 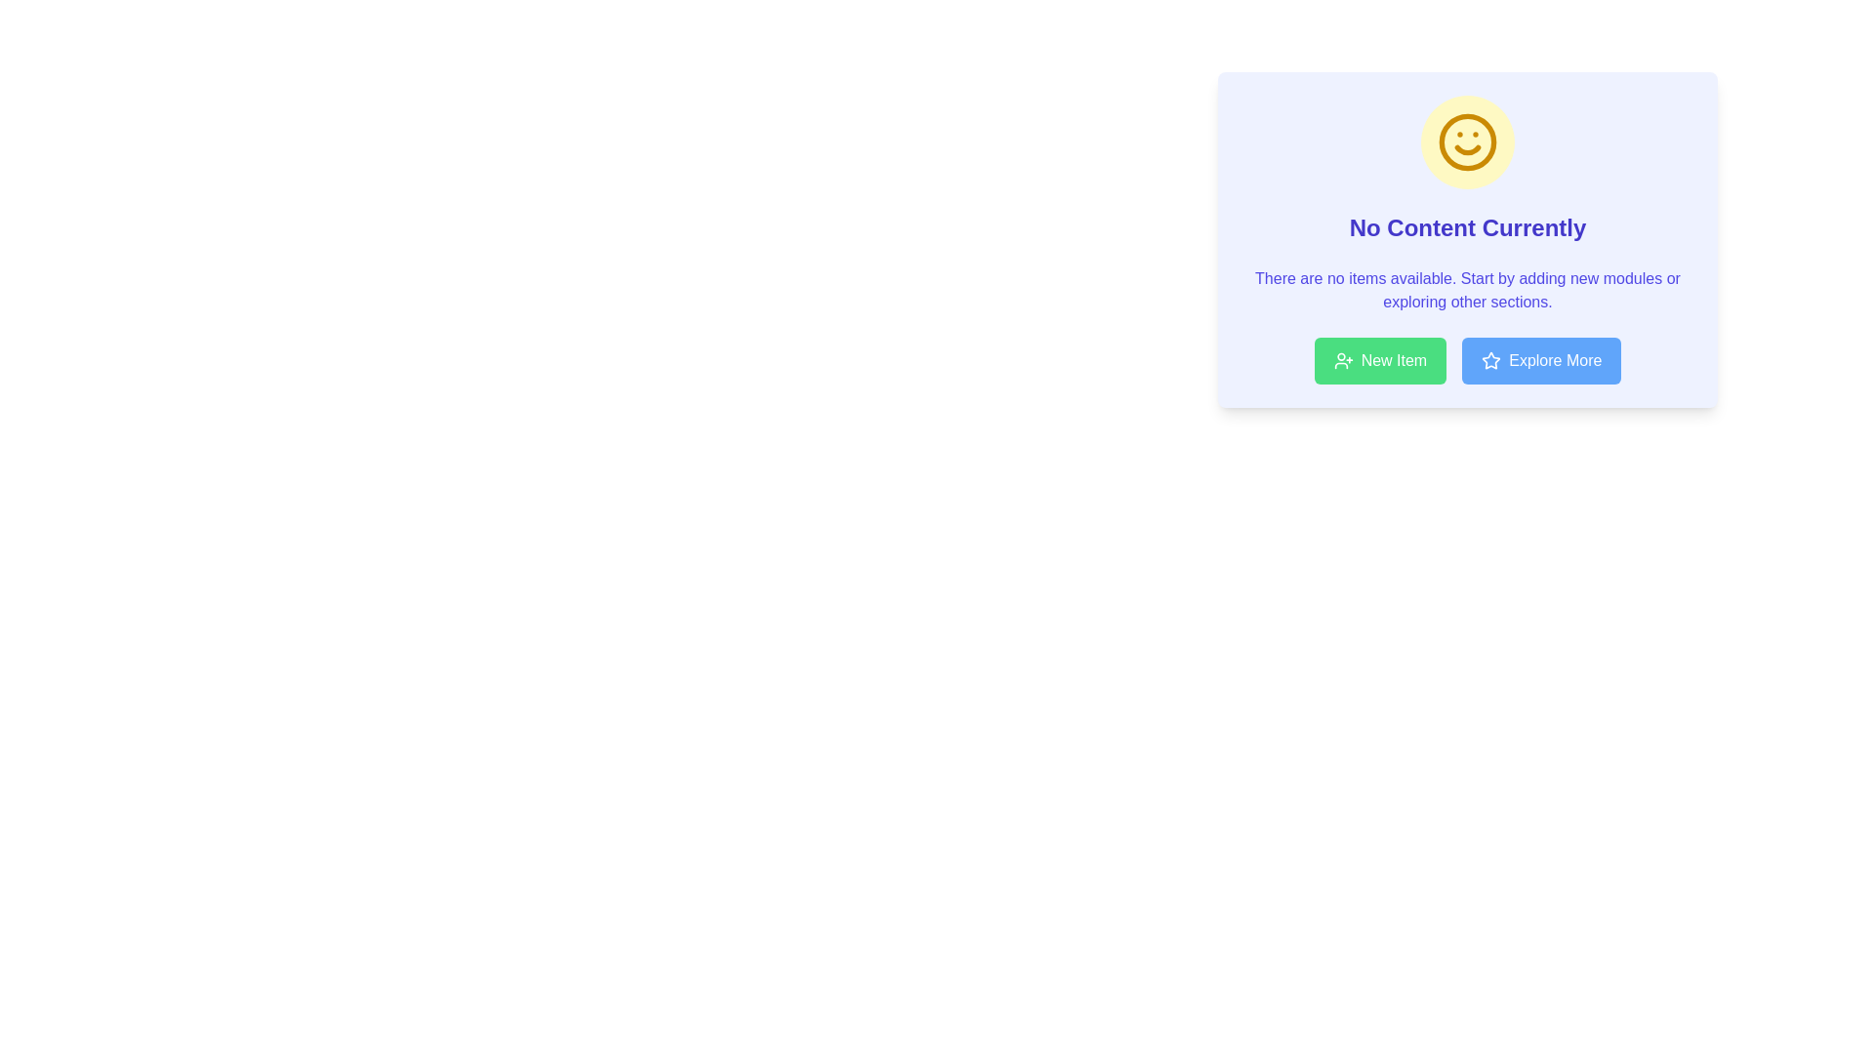 I want to click on the static text block that reads 'There are no items available. Start by adding new modules or exploring other sections.' which is styled with center alignment and colored in indigo, so click(x=1467, y=290).